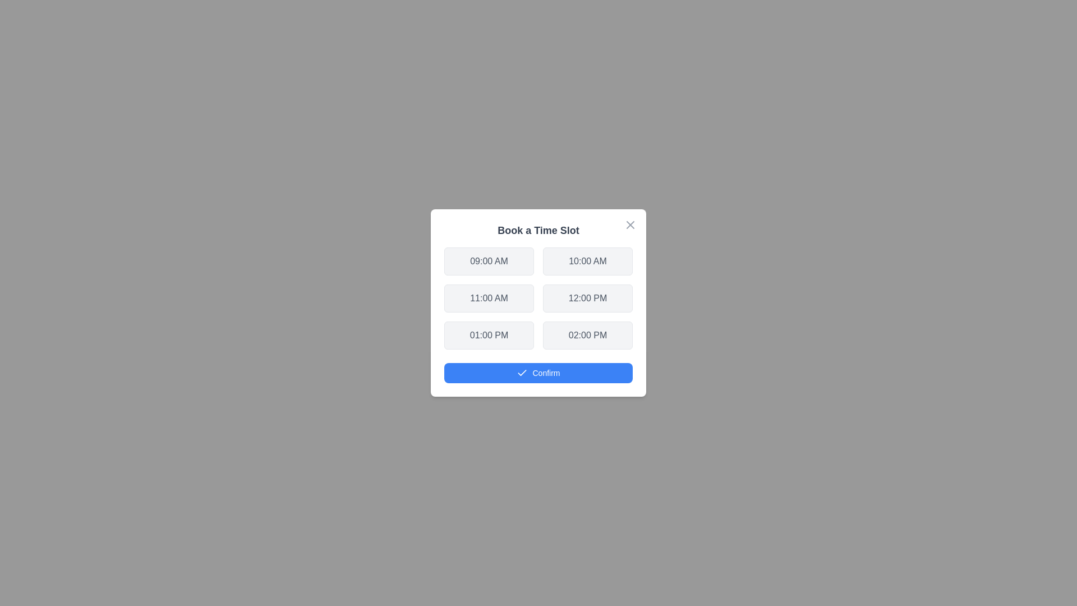  I want to click on the time slot 12:00 PM by clicking on its button, so click(587, 298).